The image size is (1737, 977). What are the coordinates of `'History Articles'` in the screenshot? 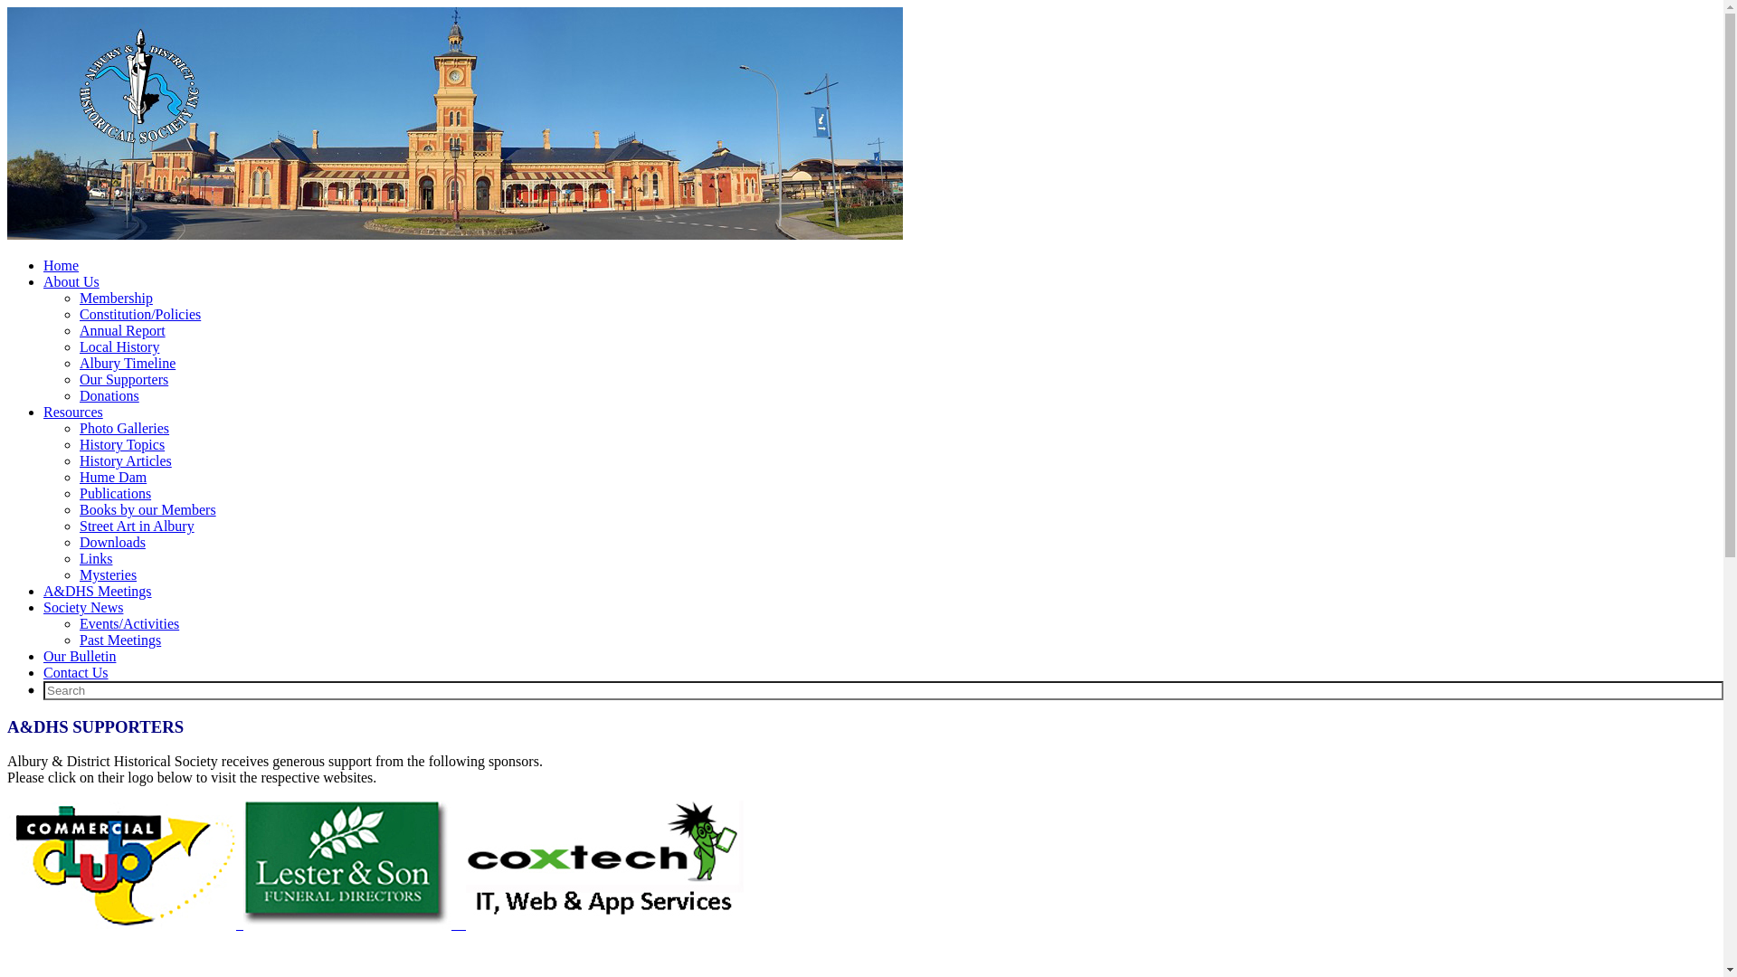 It's located at (125, 460).